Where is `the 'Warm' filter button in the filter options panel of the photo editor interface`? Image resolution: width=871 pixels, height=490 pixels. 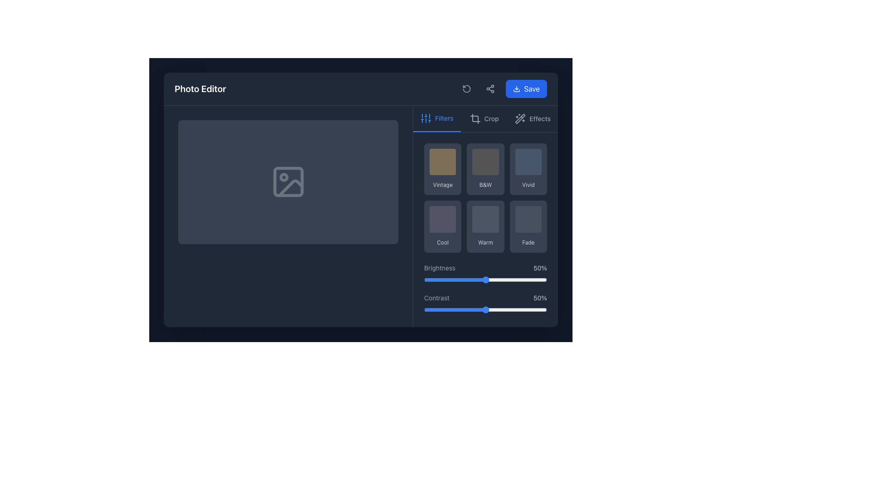
the 'Warm' filter button in the filter options panel of the photo editor interface is located at coordinates (485, 216).